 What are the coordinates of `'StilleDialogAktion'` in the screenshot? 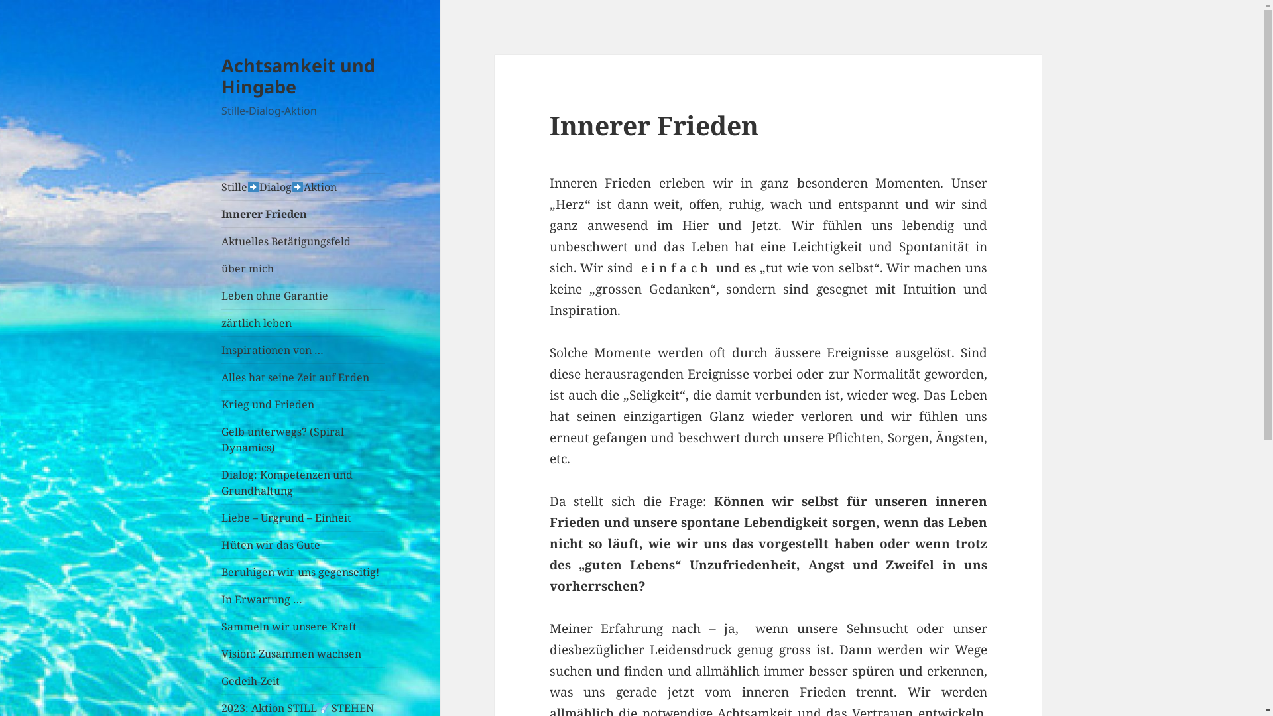 It's located at (221, 186).